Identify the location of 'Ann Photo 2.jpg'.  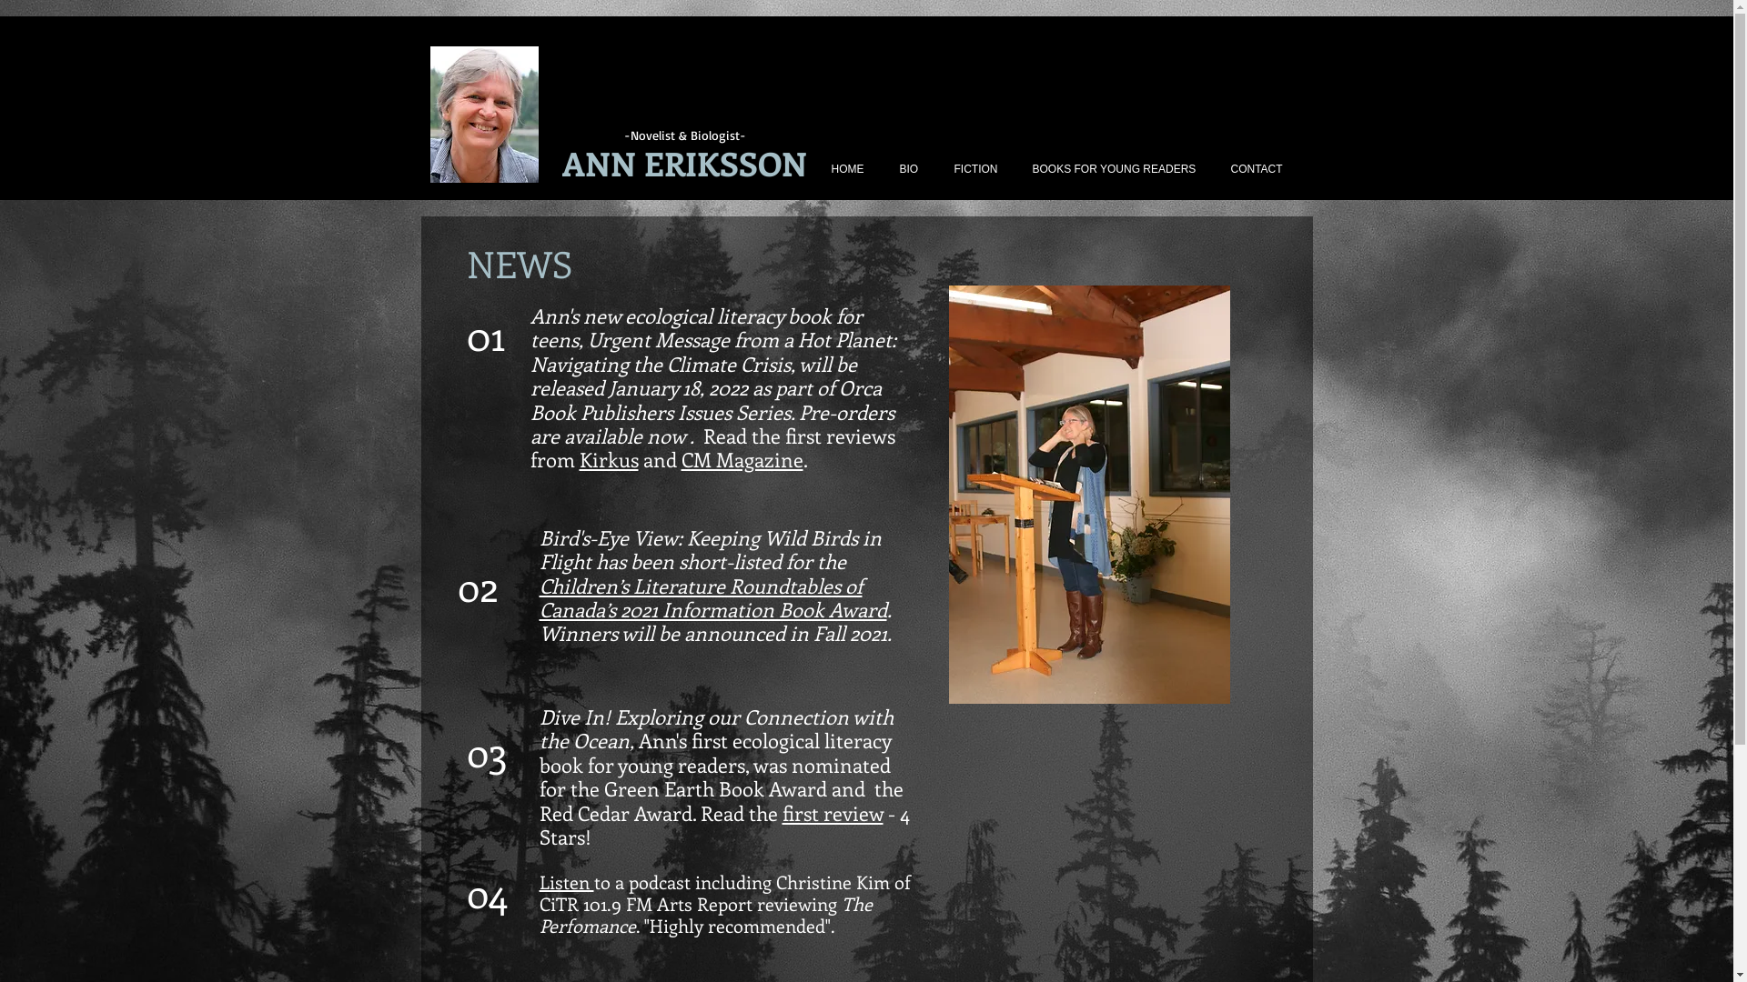
(483, 115).